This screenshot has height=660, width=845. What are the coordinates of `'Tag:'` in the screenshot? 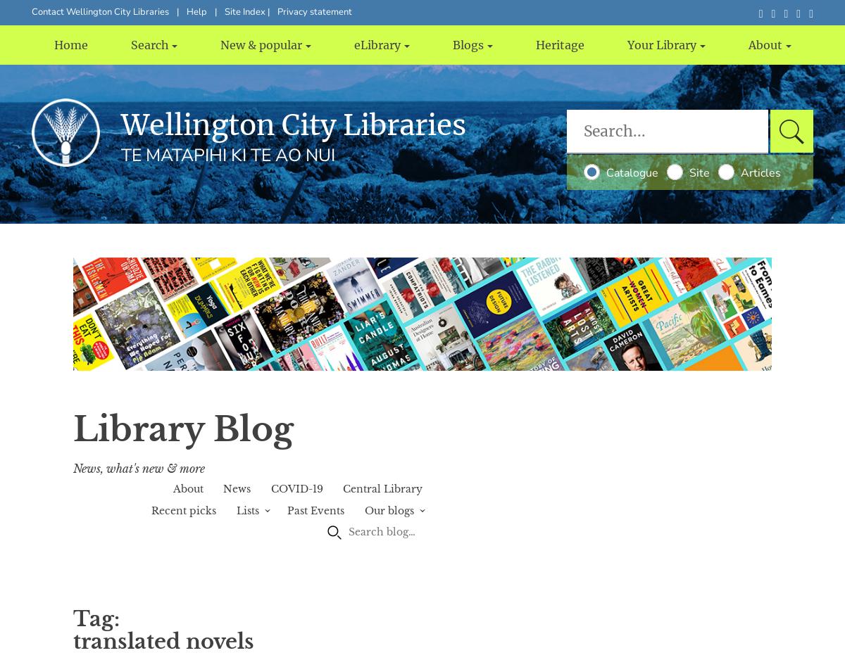 It's located at (96, 619).